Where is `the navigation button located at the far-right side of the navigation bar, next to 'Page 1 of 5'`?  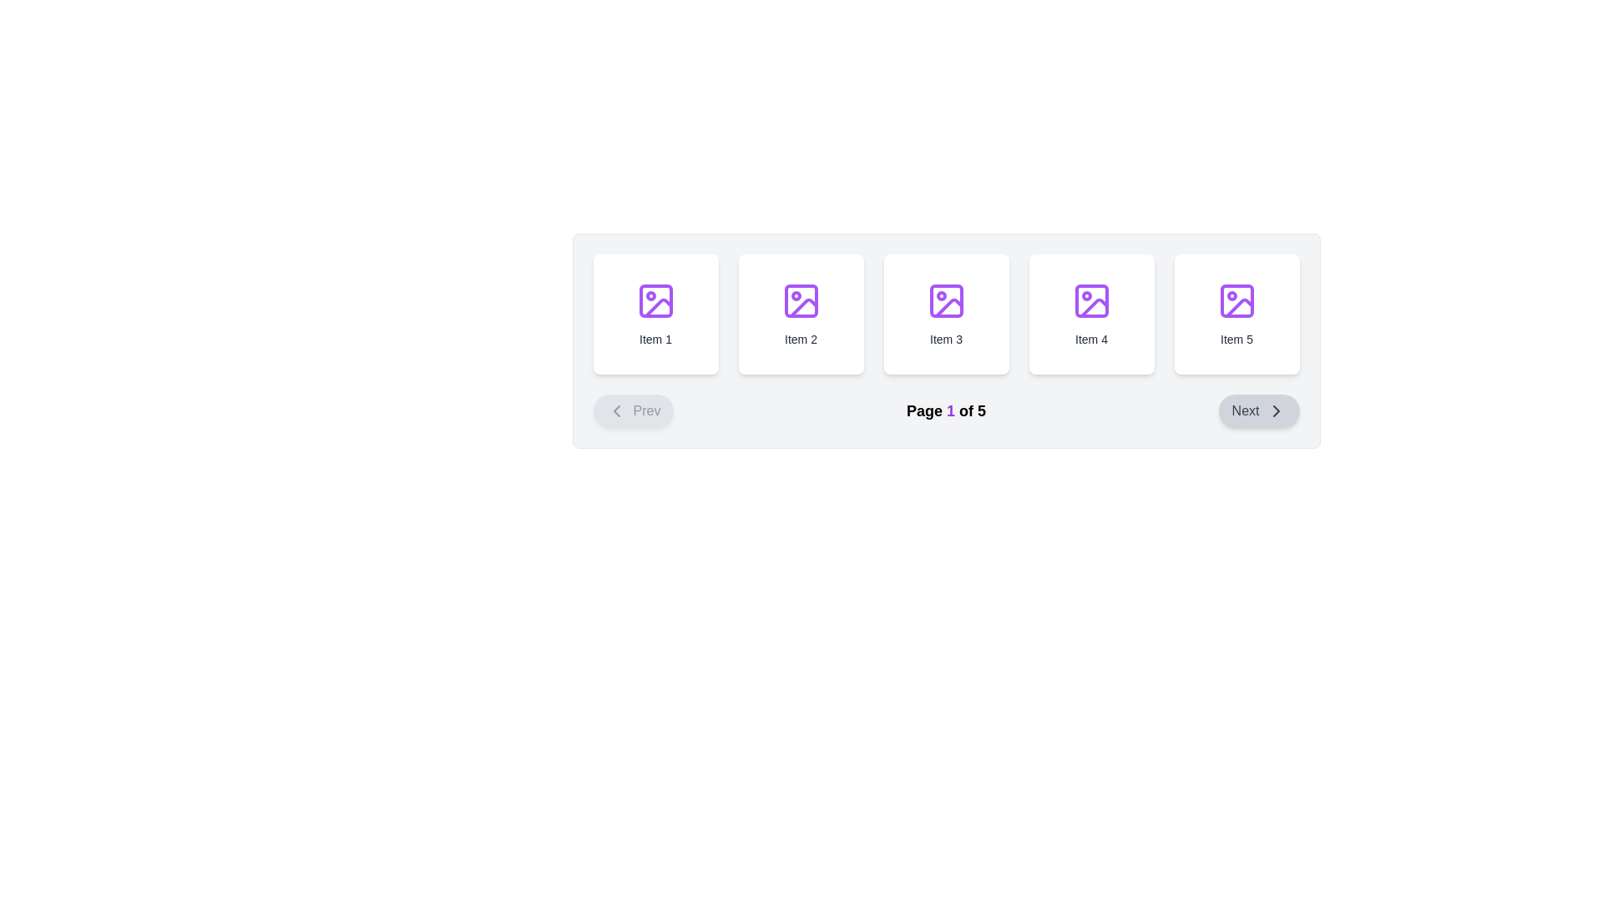 the navigation button located at the far-right side of the navigation bar, next to 'Page 1 of 5' is located at coordinates (1258, 411).